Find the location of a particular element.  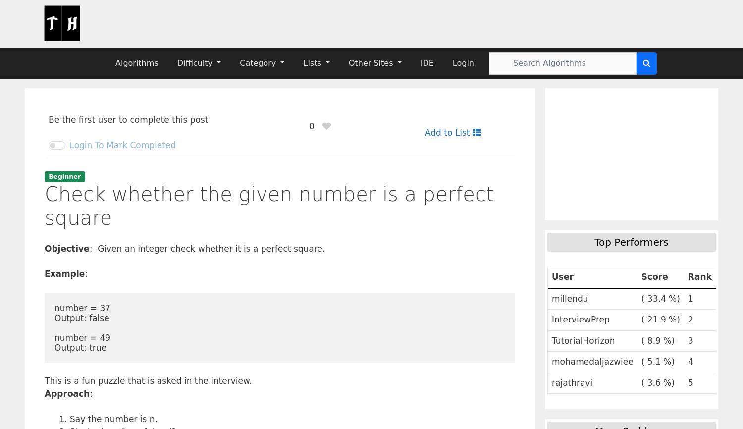

'2' is located at coordinates (648, 70).